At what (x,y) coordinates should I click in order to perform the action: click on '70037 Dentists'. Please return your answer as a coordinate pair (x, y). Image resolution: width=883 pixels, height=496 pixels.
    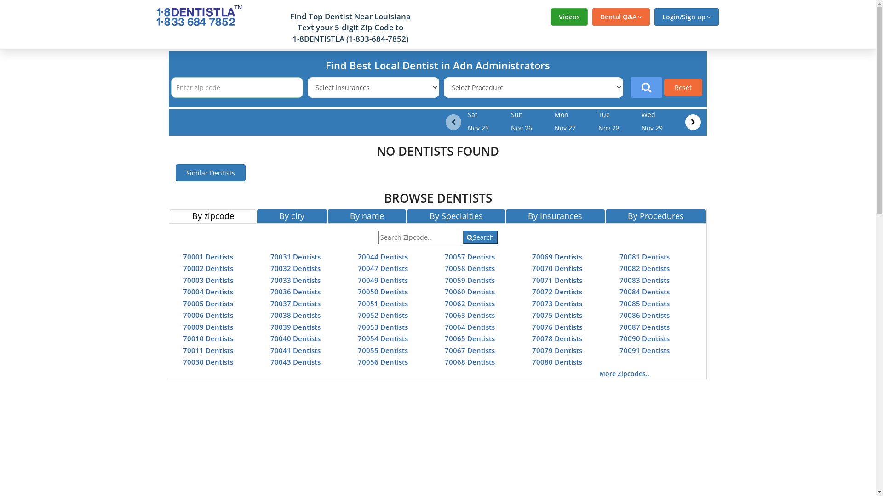
    Looking at the image, I should click on (295, 303).